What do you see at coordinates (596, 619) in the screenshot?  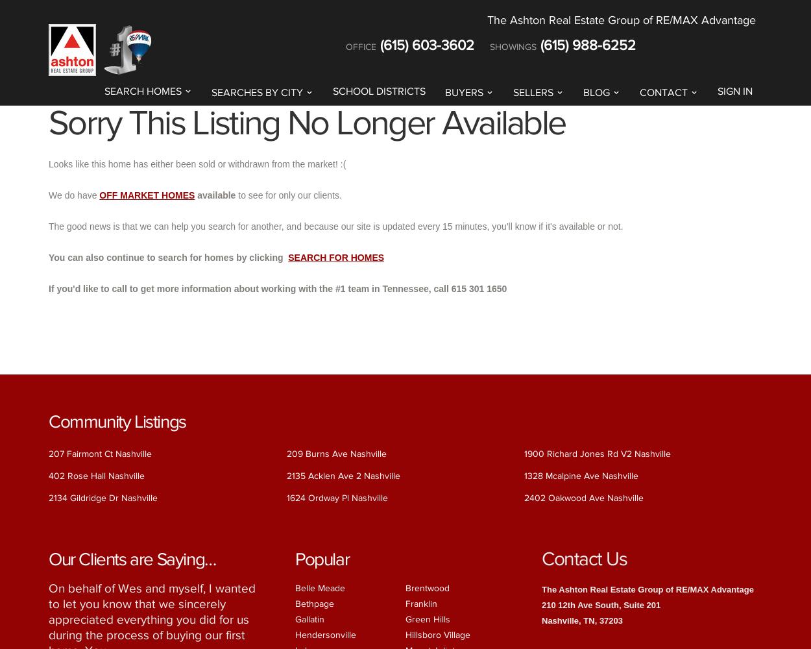 I see `','` at bounding box center [596, 619].